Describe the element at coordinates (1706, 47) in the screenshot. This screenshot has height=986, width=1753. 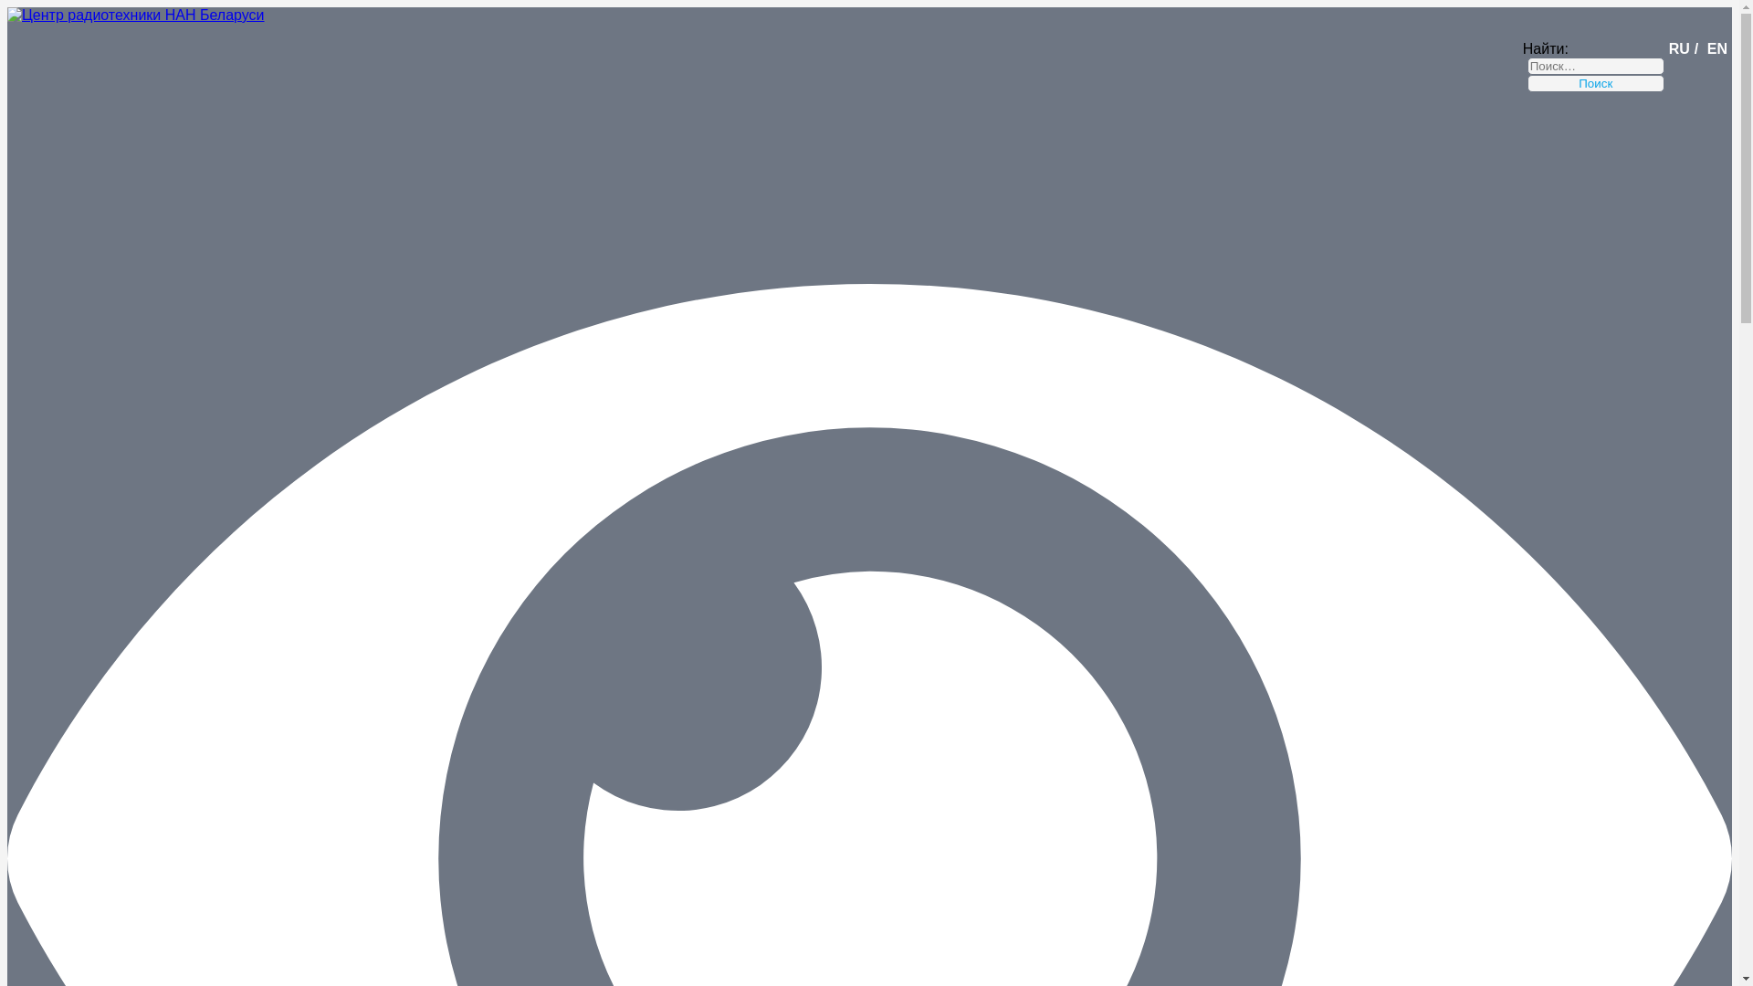
I see `'EN'` at that location.